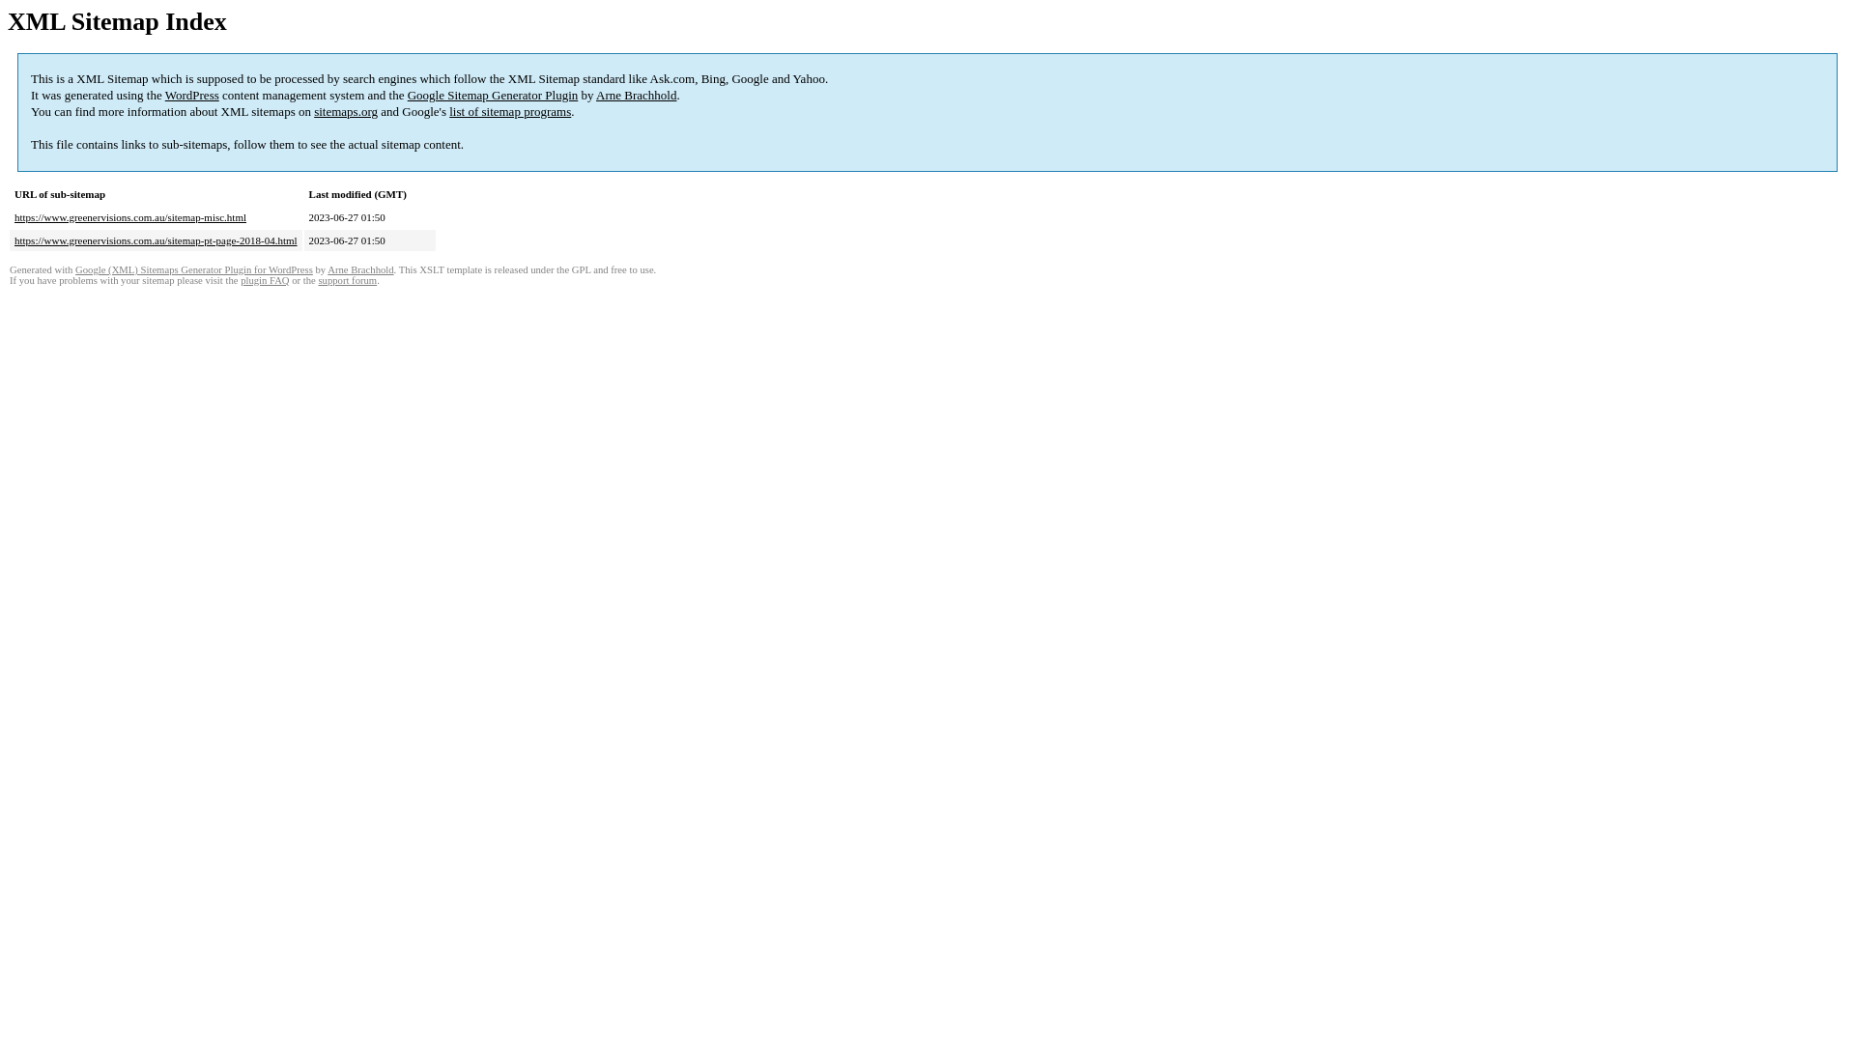 Image resolution: width=1855 pixels, height=1043 pixels. What do you see at coordinates (510, 111) in the screenshot?
I see `'list of sitemap programs'` at bounding box center [510, 111].